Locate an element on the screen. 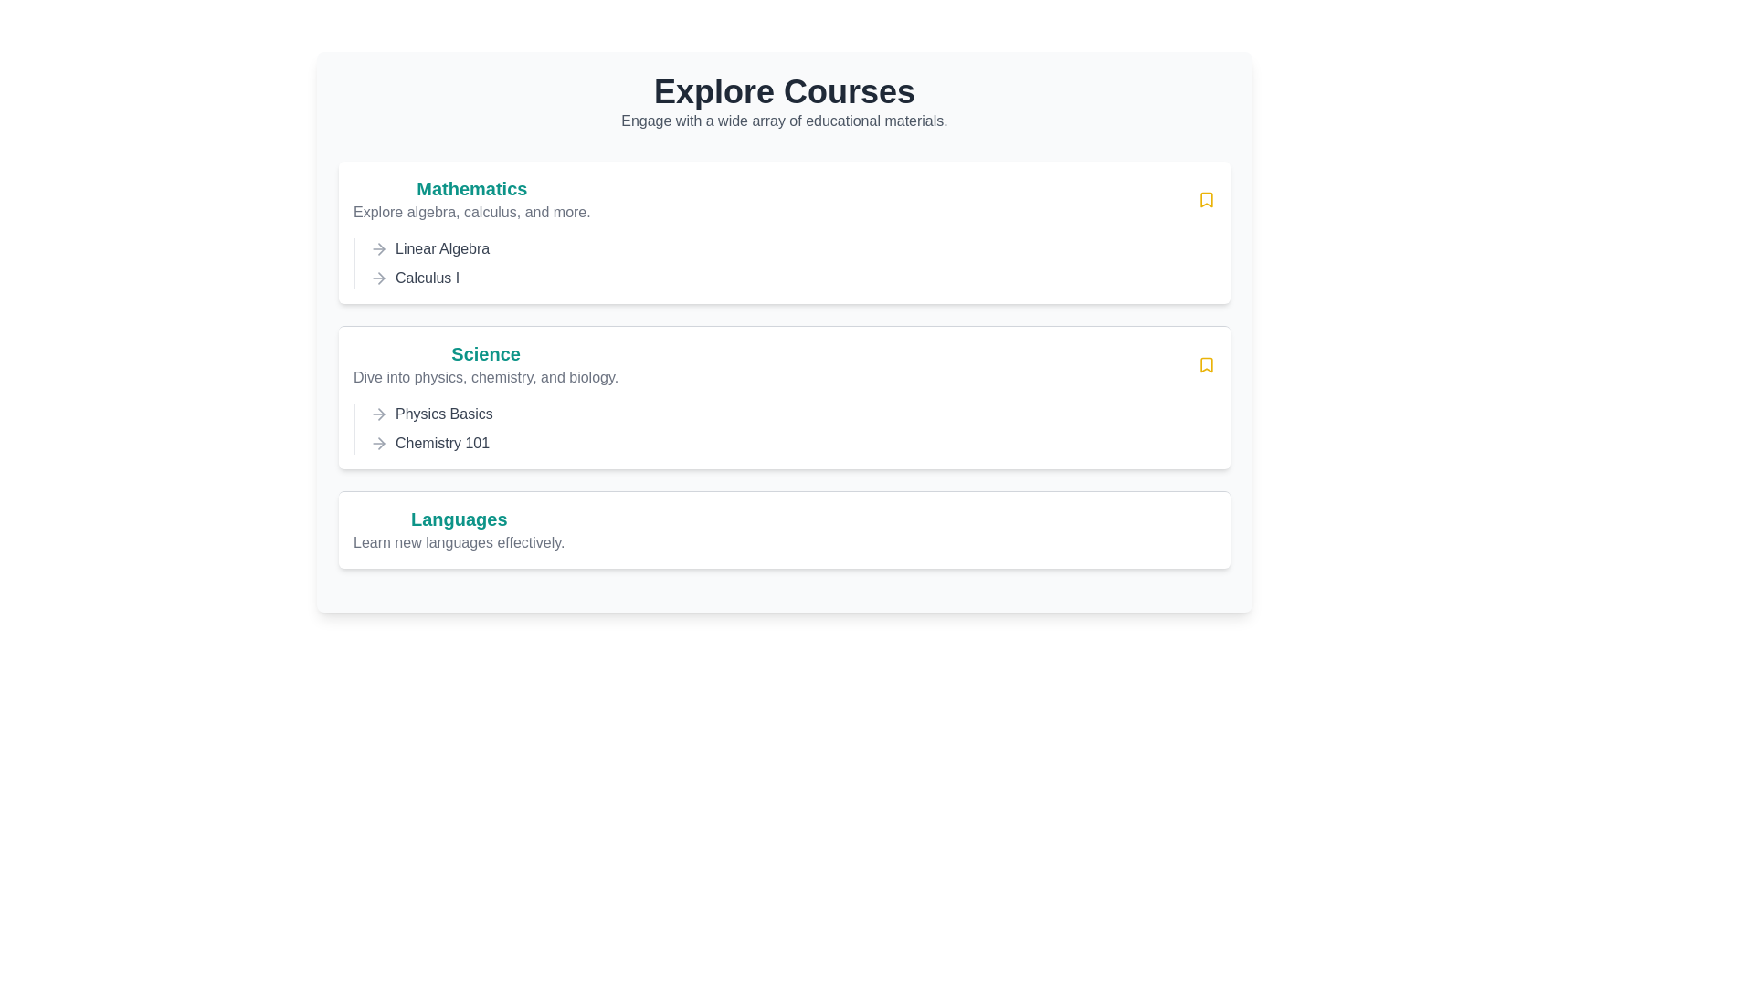  the rightward arrow SVG element that serves as a navigational indicator for selecting the 'Calculus I' topic is located at coordinates (380, 278).